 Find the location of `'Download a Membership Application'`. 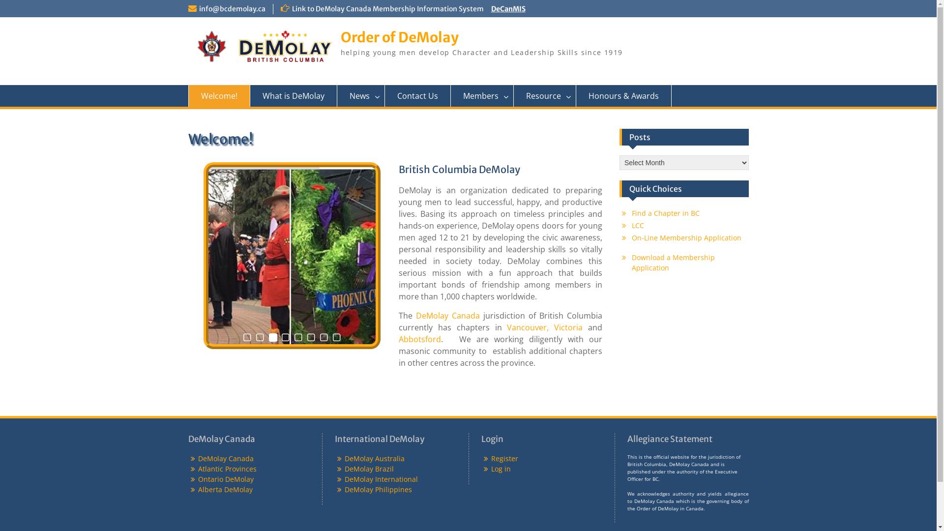

'Download a Membership Application' is located at coordinates (673, 262).